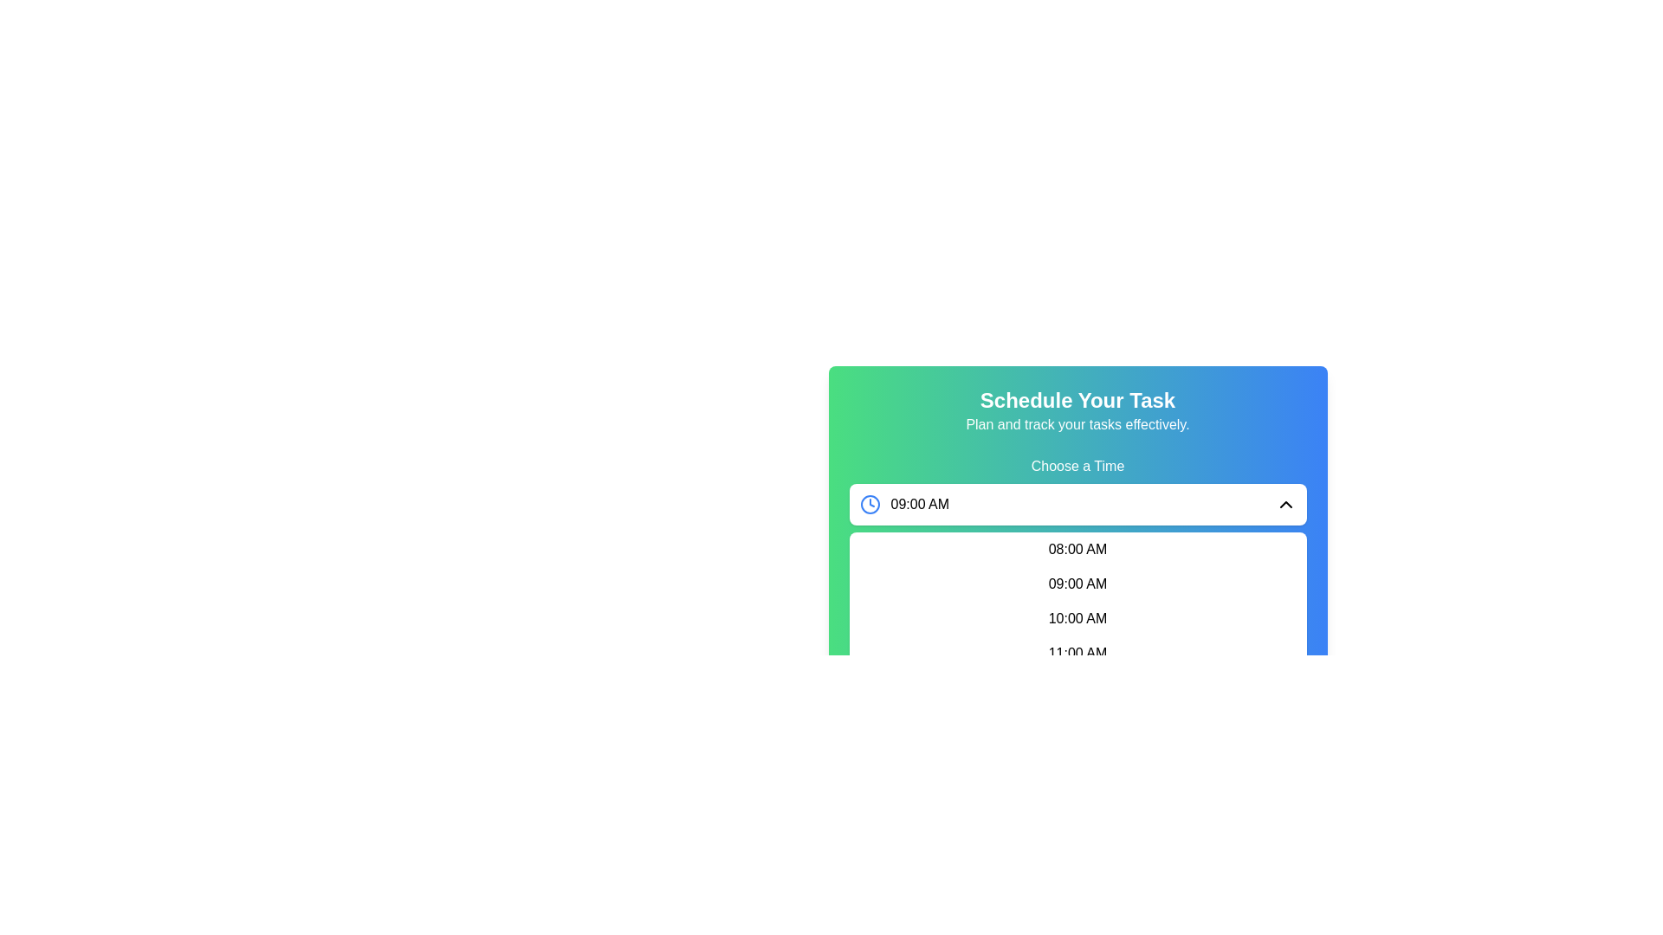 The width and height of the screenshot is (1663, 935). Describe the element at coordinates (919, 504) in the screenshot. I see `the static text element displaying the selected time in the dropdown menu below the header 'Choose a Time'` at that location.